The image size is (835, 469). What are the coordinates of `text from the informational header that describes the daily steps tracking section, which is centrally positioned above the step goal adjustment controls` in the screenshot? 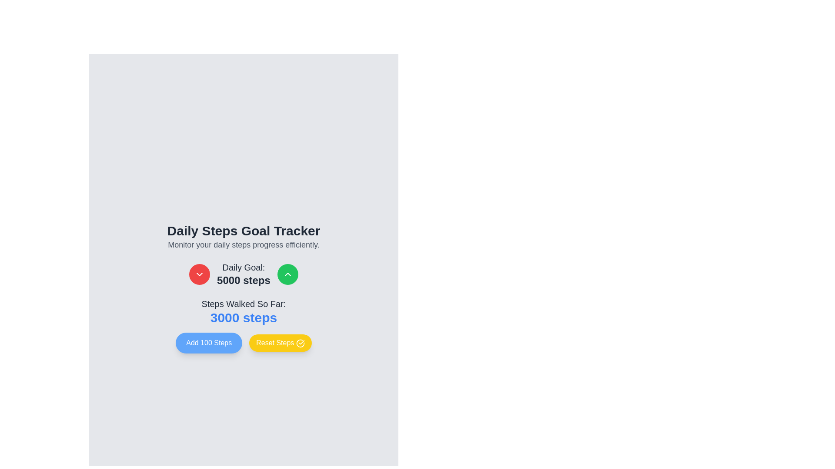 It's located at (244, 237).